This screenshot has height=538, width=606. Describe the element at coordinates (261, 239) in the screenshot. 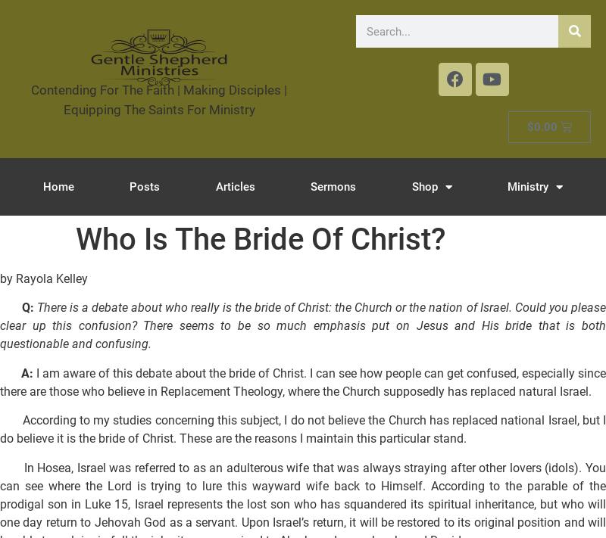

I see `'Who Is The Bride Of Christ?'` at that location.